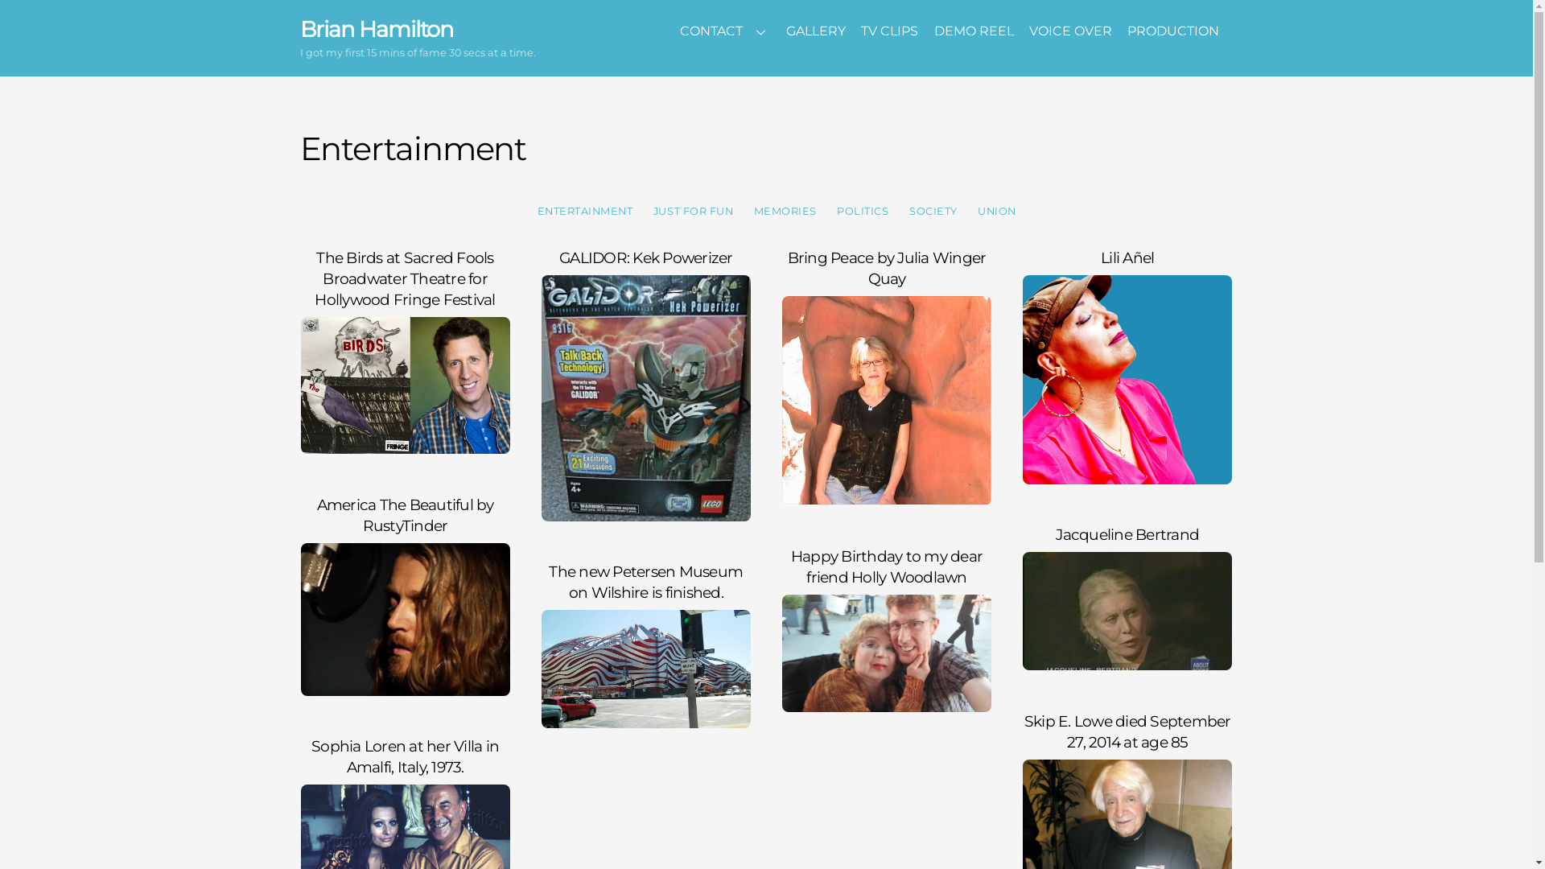 This screenshot has height=869, width=1545. What do you see at coordinates (1127, 731) in the screenshot?
I see `'Skip E. Lowe died September 27, 2014 at age 85'` at bounding box center [1127, 731].